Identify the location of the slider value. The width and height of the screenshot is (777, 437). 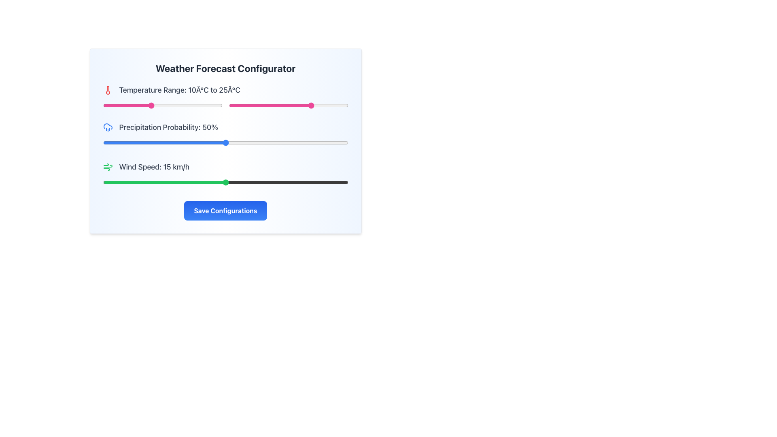
(184, 105).